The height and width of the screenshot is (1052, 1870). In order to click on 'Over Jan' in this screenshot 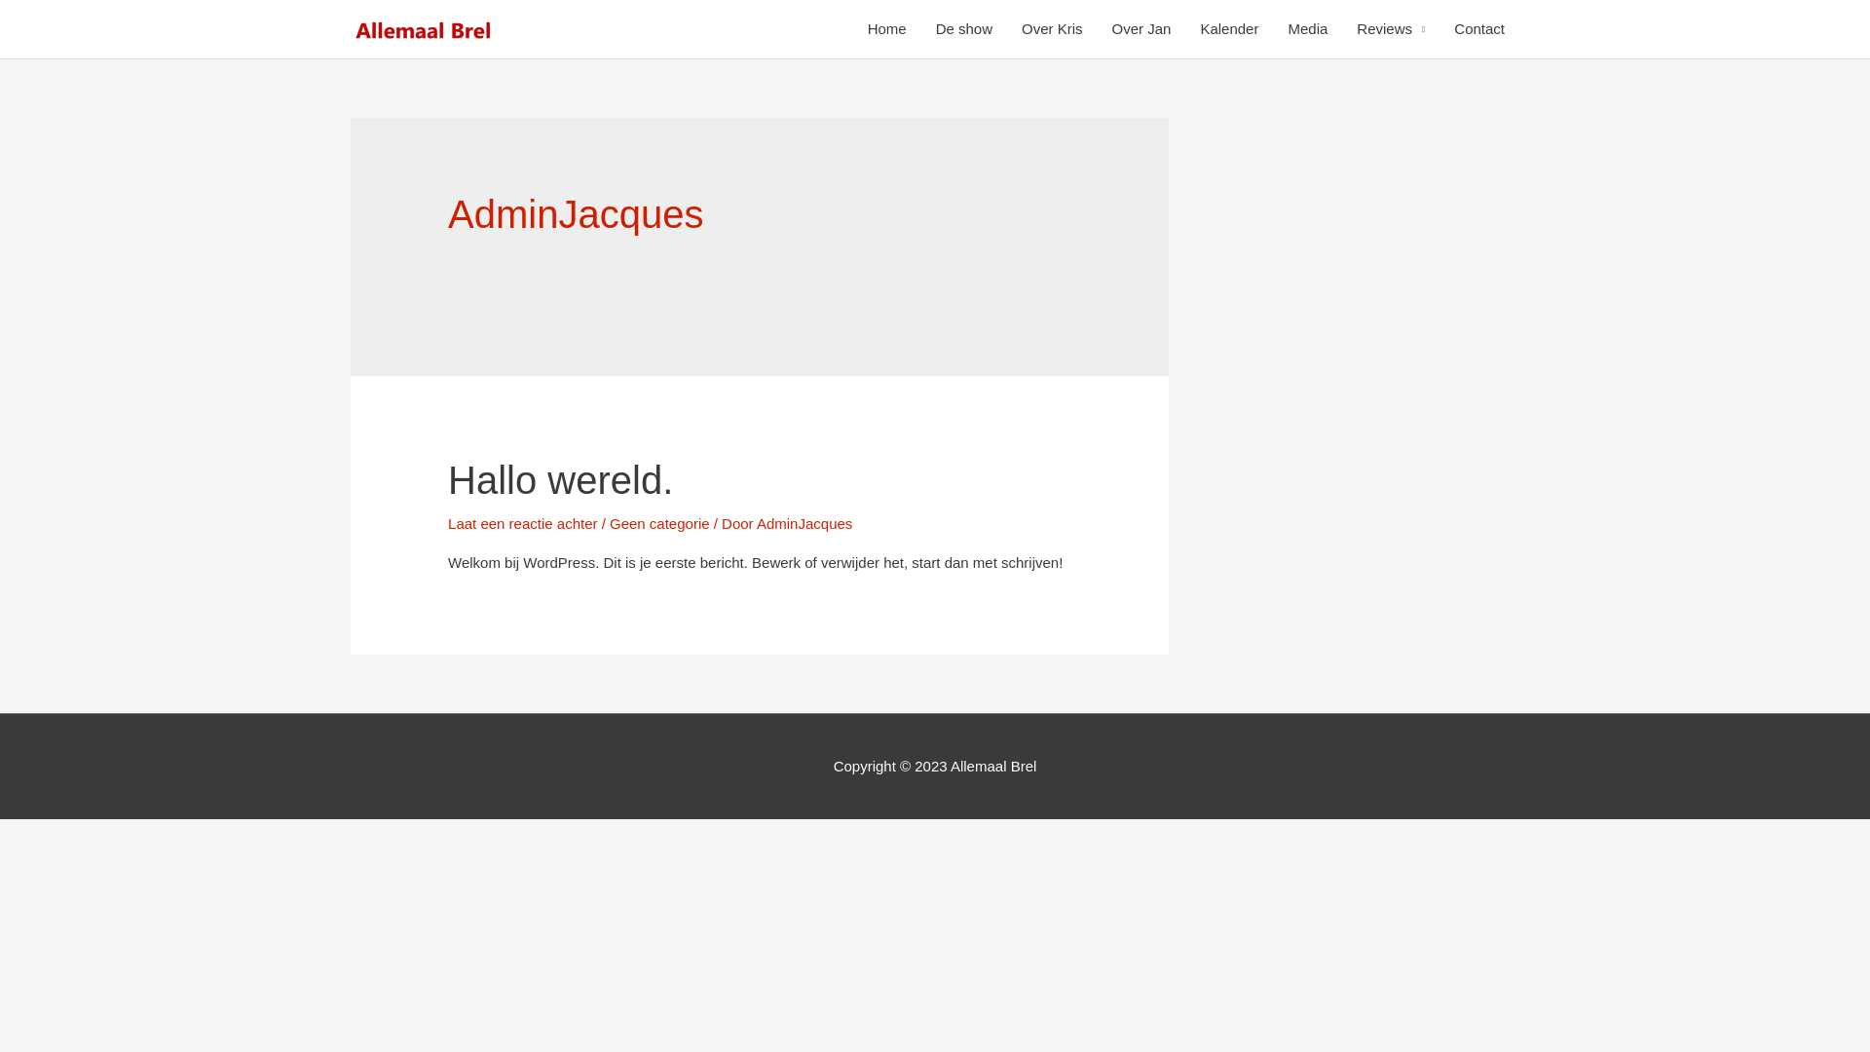, I will do `click(1098, 29)`.